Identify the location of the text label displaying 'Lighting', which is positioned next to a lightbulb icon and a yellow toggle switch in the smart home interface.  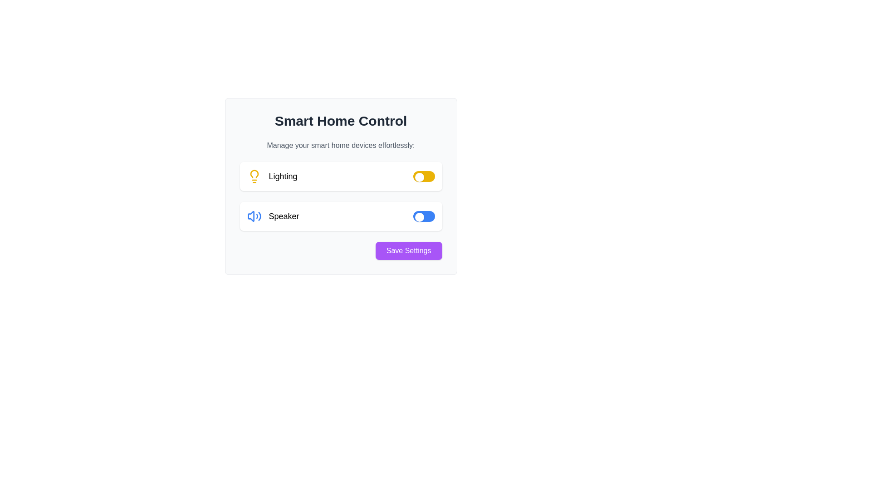
(283, 176).